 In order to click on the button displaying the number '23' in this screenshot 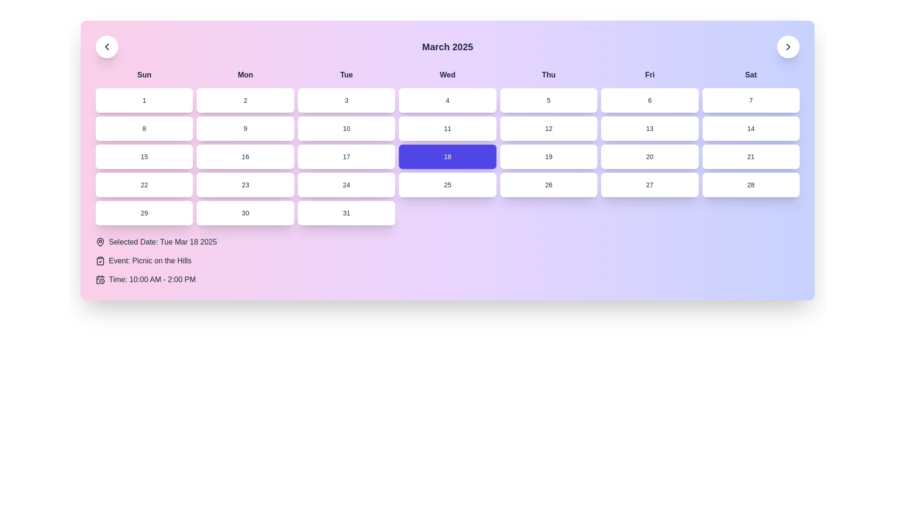, I will do `click(245, 184)`.